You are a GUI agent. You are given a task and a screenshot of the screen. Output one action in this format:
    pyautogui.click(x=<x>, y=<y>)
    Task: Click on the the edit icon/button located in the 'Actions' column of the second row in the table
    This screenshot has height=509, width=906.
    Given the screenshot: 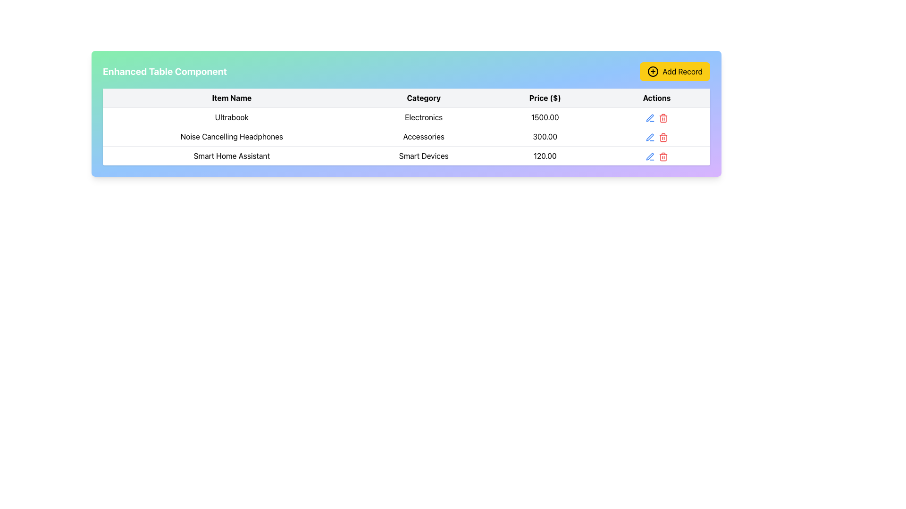 What is the action you would take?
    pyautogui.click(x=649, y=137)
    